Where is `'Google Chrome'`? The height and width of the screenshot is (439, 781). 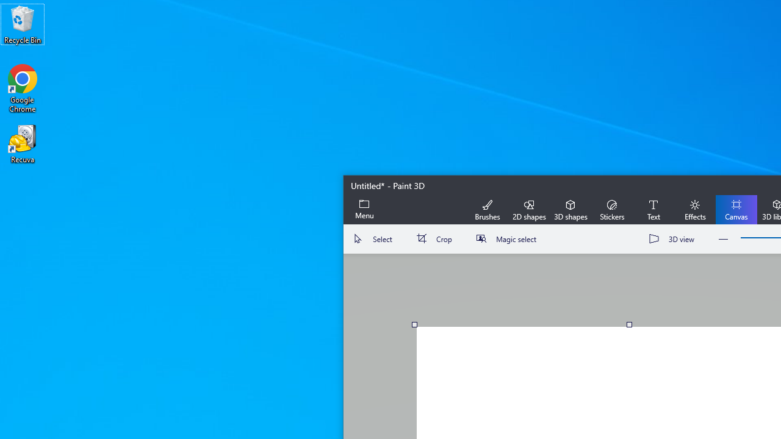
'Google Chrome' is located at coordinates (23, 88).